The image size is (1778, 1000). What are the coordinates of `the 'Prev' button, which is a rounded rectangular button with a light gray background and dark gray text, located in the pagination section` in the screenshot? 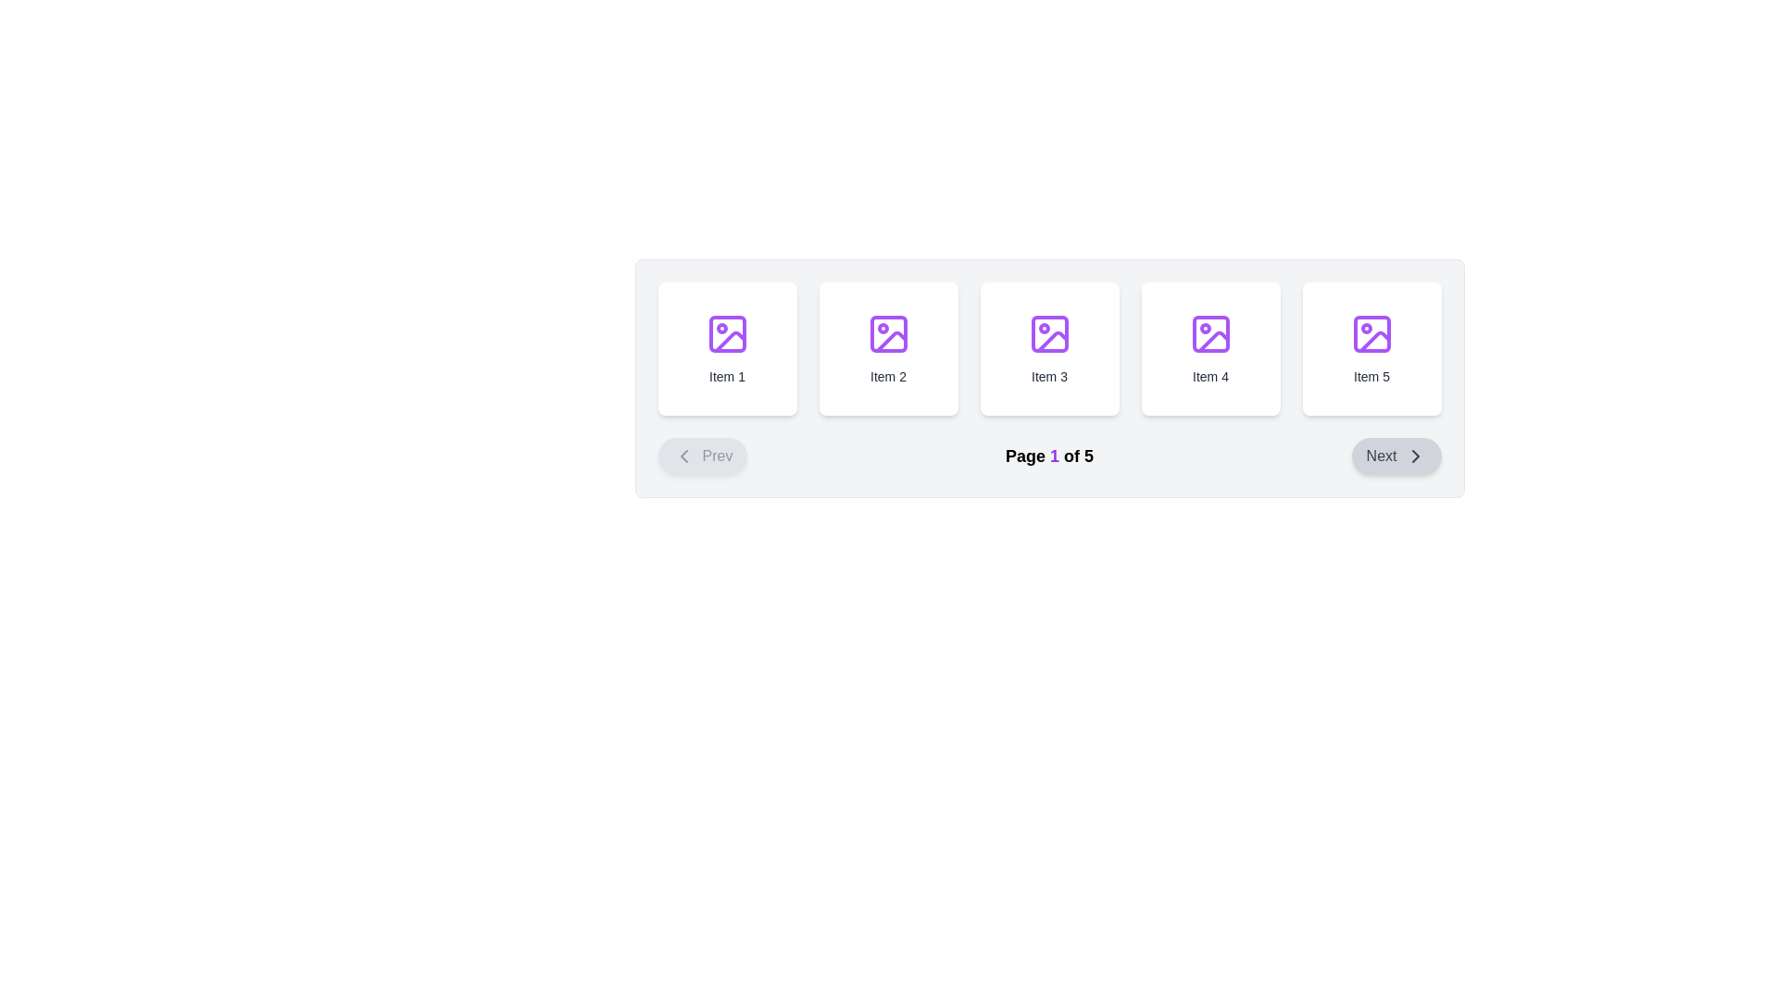 It's located at (701, 456).